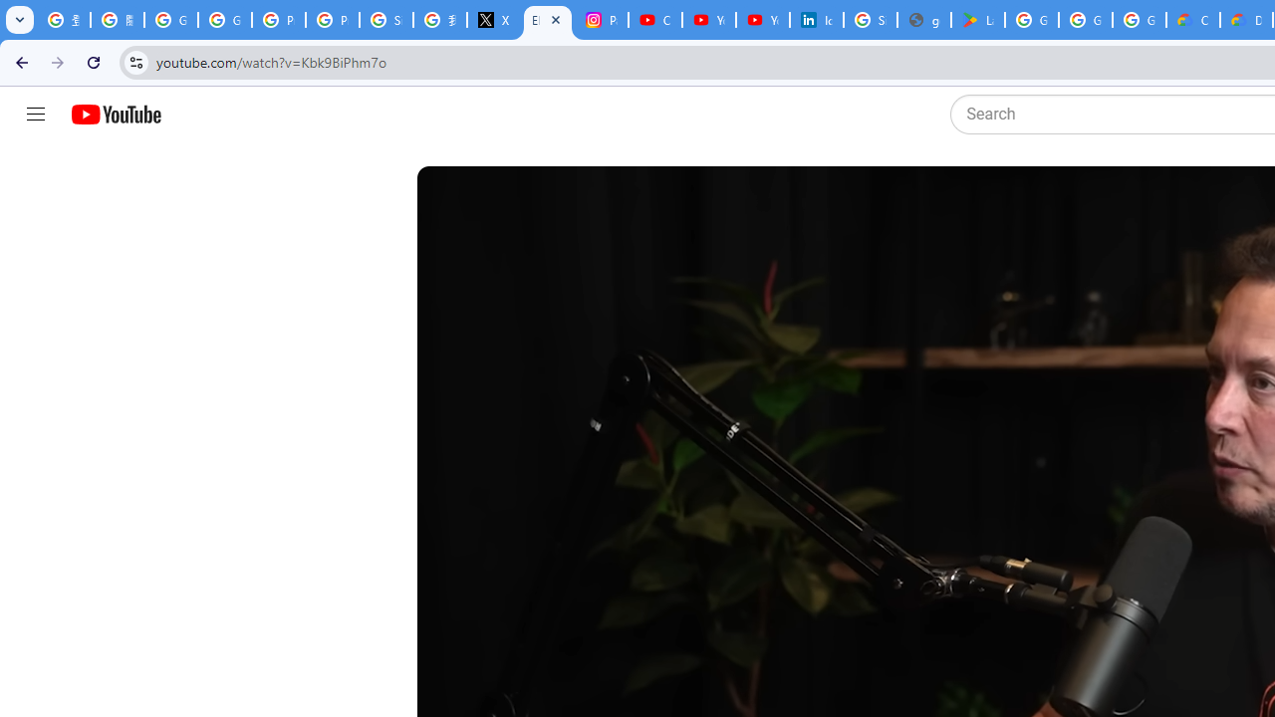 Image resolution: width=1275 pixels, height=717 pixels. Describe the element at coordinates (115, 115) in the screenshot. I see `'YouTube Home'` at that location.